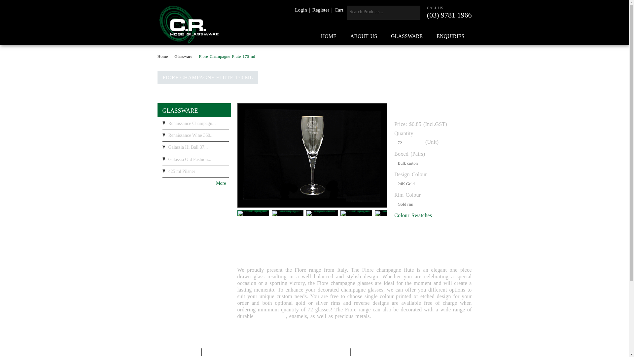 This screenshot has width=634, height=357. What do you see at coordinates (193, 183) in the screenshot?
I see `'More'` at bounding box center [193, 183].